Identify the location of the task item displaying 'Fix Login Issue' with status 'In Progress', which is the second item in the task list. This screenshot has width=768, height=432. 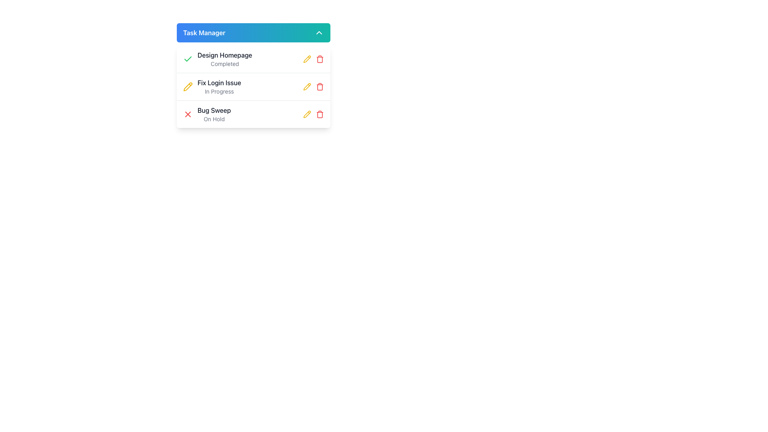
(212, 86).